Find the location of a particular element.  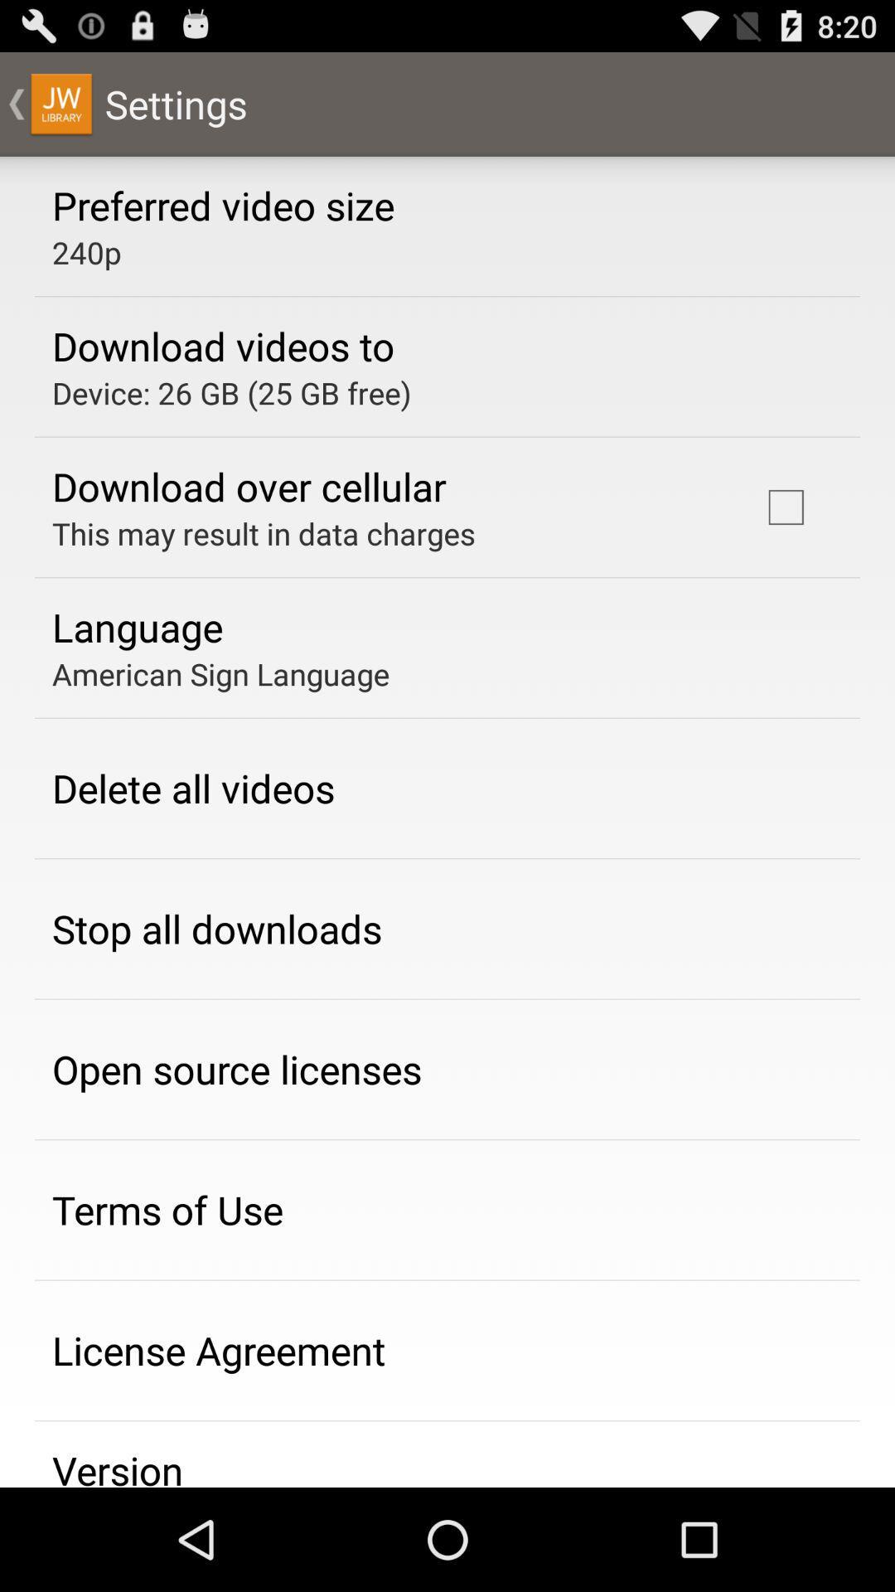

open source licenses item is located at coordinates (237, 1069).